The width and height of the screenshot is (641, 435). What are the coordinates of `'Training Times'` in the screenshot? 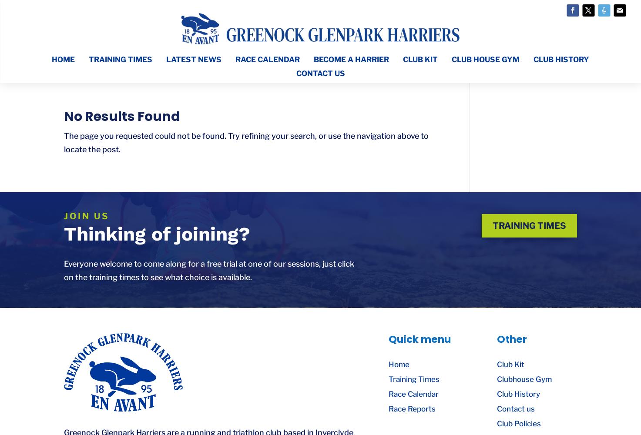 It's located at (414, 379).